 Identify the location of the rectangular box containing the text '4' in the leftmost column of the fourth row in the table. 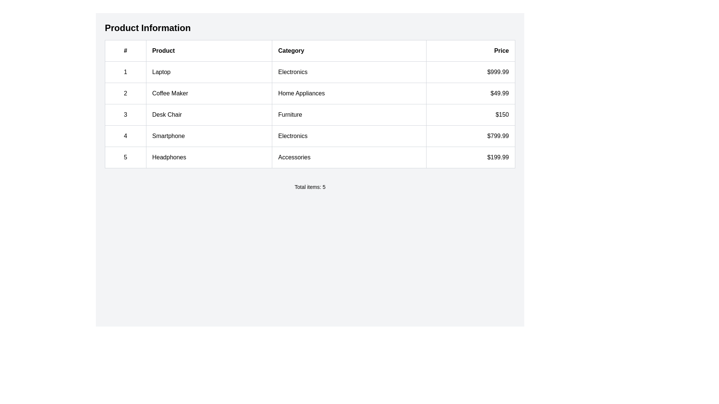
(125, 136).